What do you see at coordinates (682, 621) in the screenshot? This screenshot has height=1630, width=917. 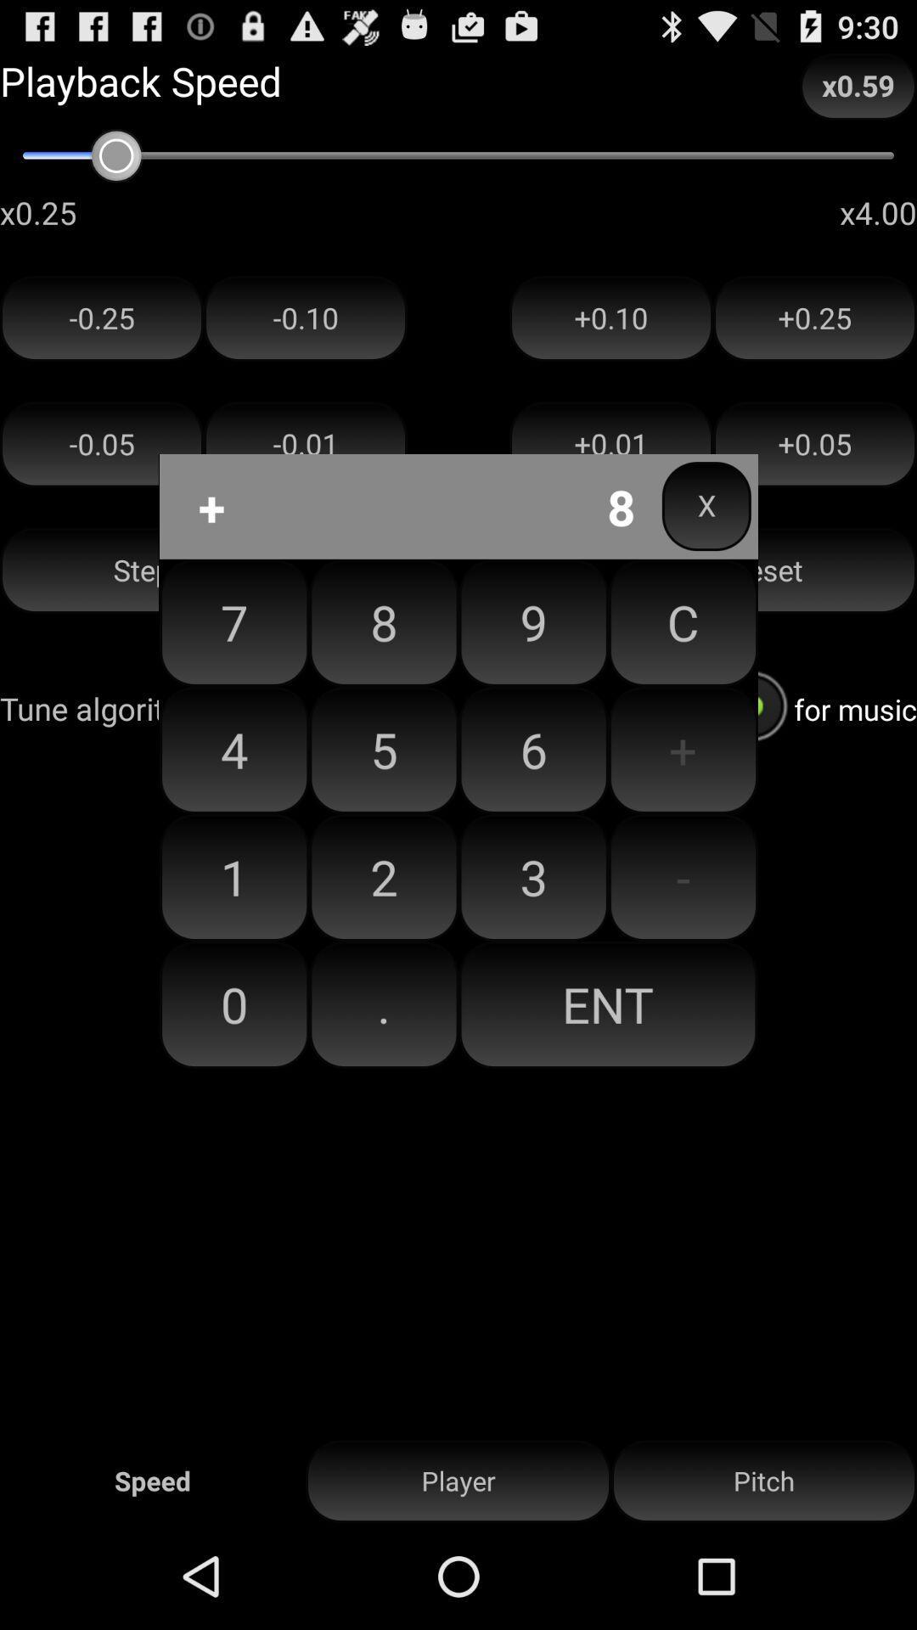 I see `c` at bounding box center [682, 621].